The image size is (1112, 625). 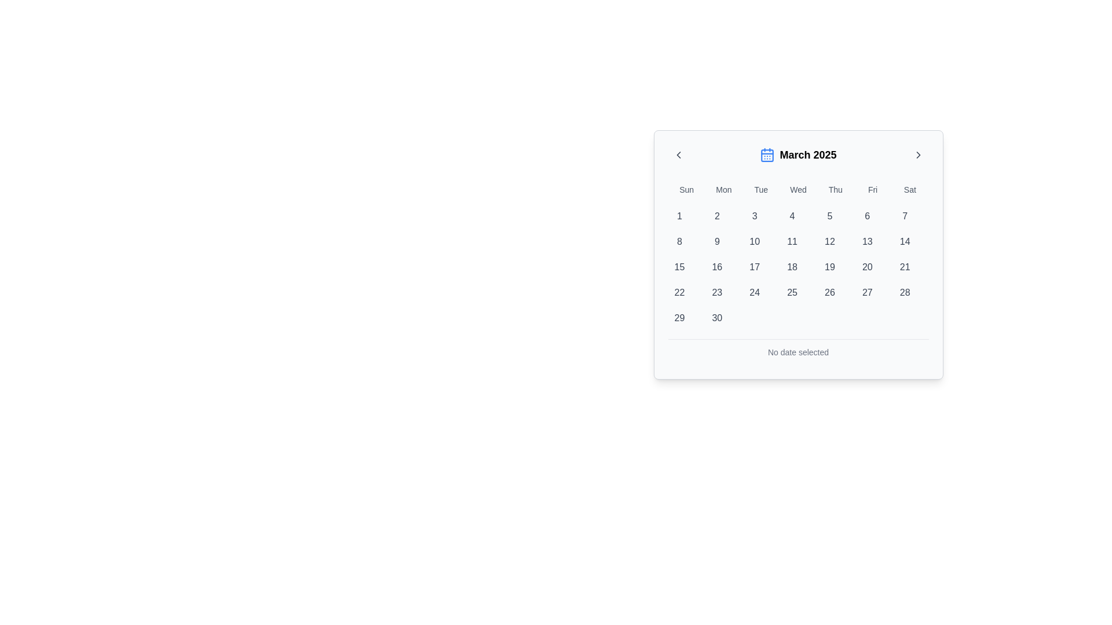 What do you see at coordinates (798, 189) in the screenshot?
I see `the 'Wednesday' label in the calendar view, which is the fourth day of the week displayed at the top of the calendar` at bounding box center [798, 189].